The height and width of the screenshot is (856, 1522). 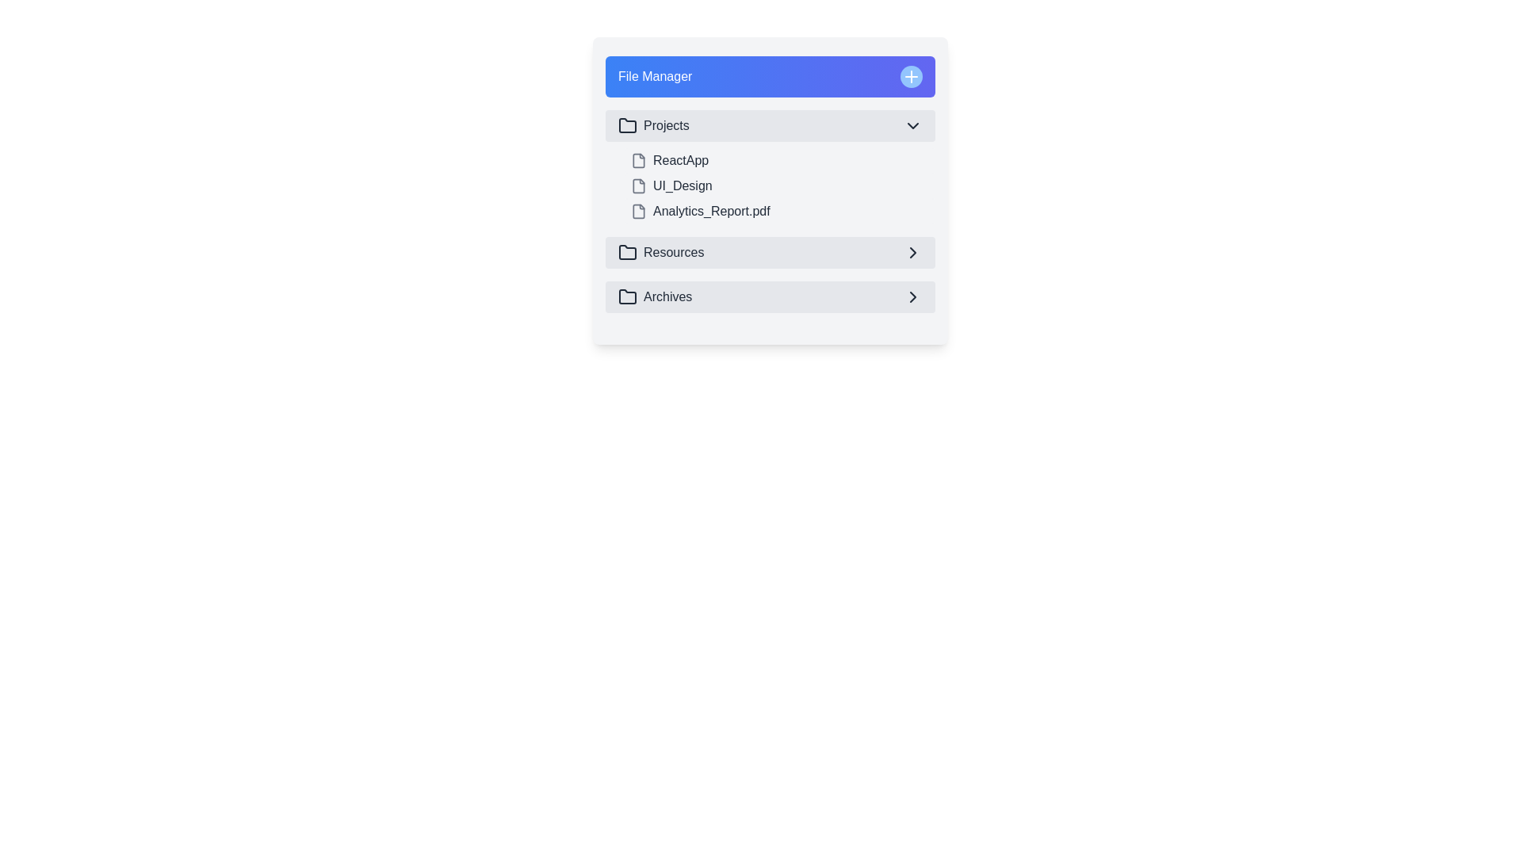 What do you see at coordinates (639, 210) in the screenshot?
I see `the gray file icon representing 'Analytics_Report.pdf' located` at bounding box center [639, 210].